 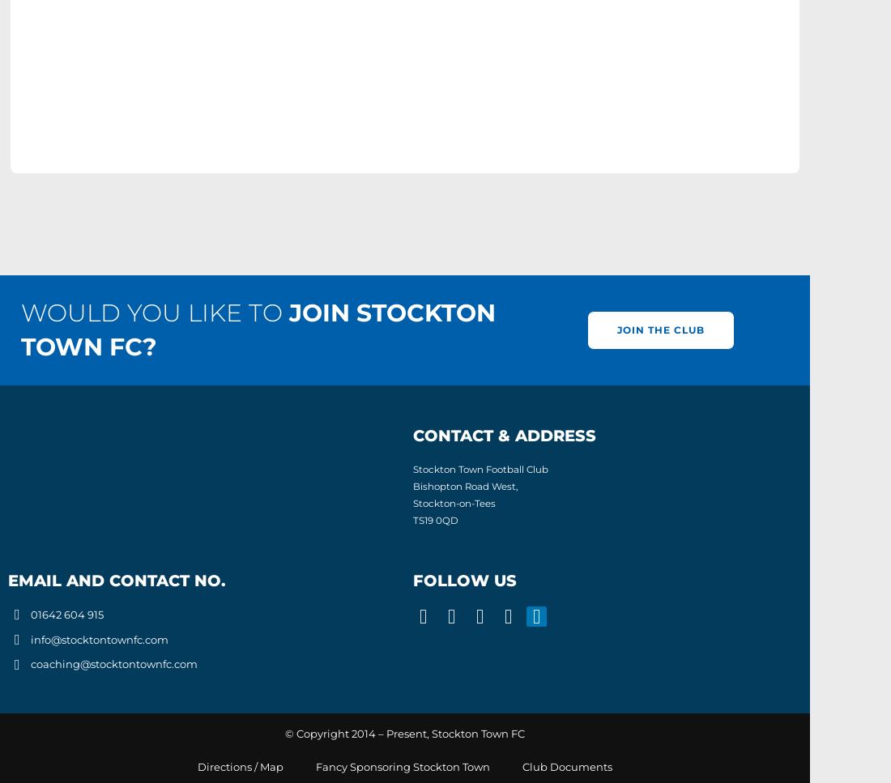 What do you see at coordinates (403, 765) in the screenshot?
I see `'Fancy Sponsoring Stockton Town'` at bounding box center [403, 765].